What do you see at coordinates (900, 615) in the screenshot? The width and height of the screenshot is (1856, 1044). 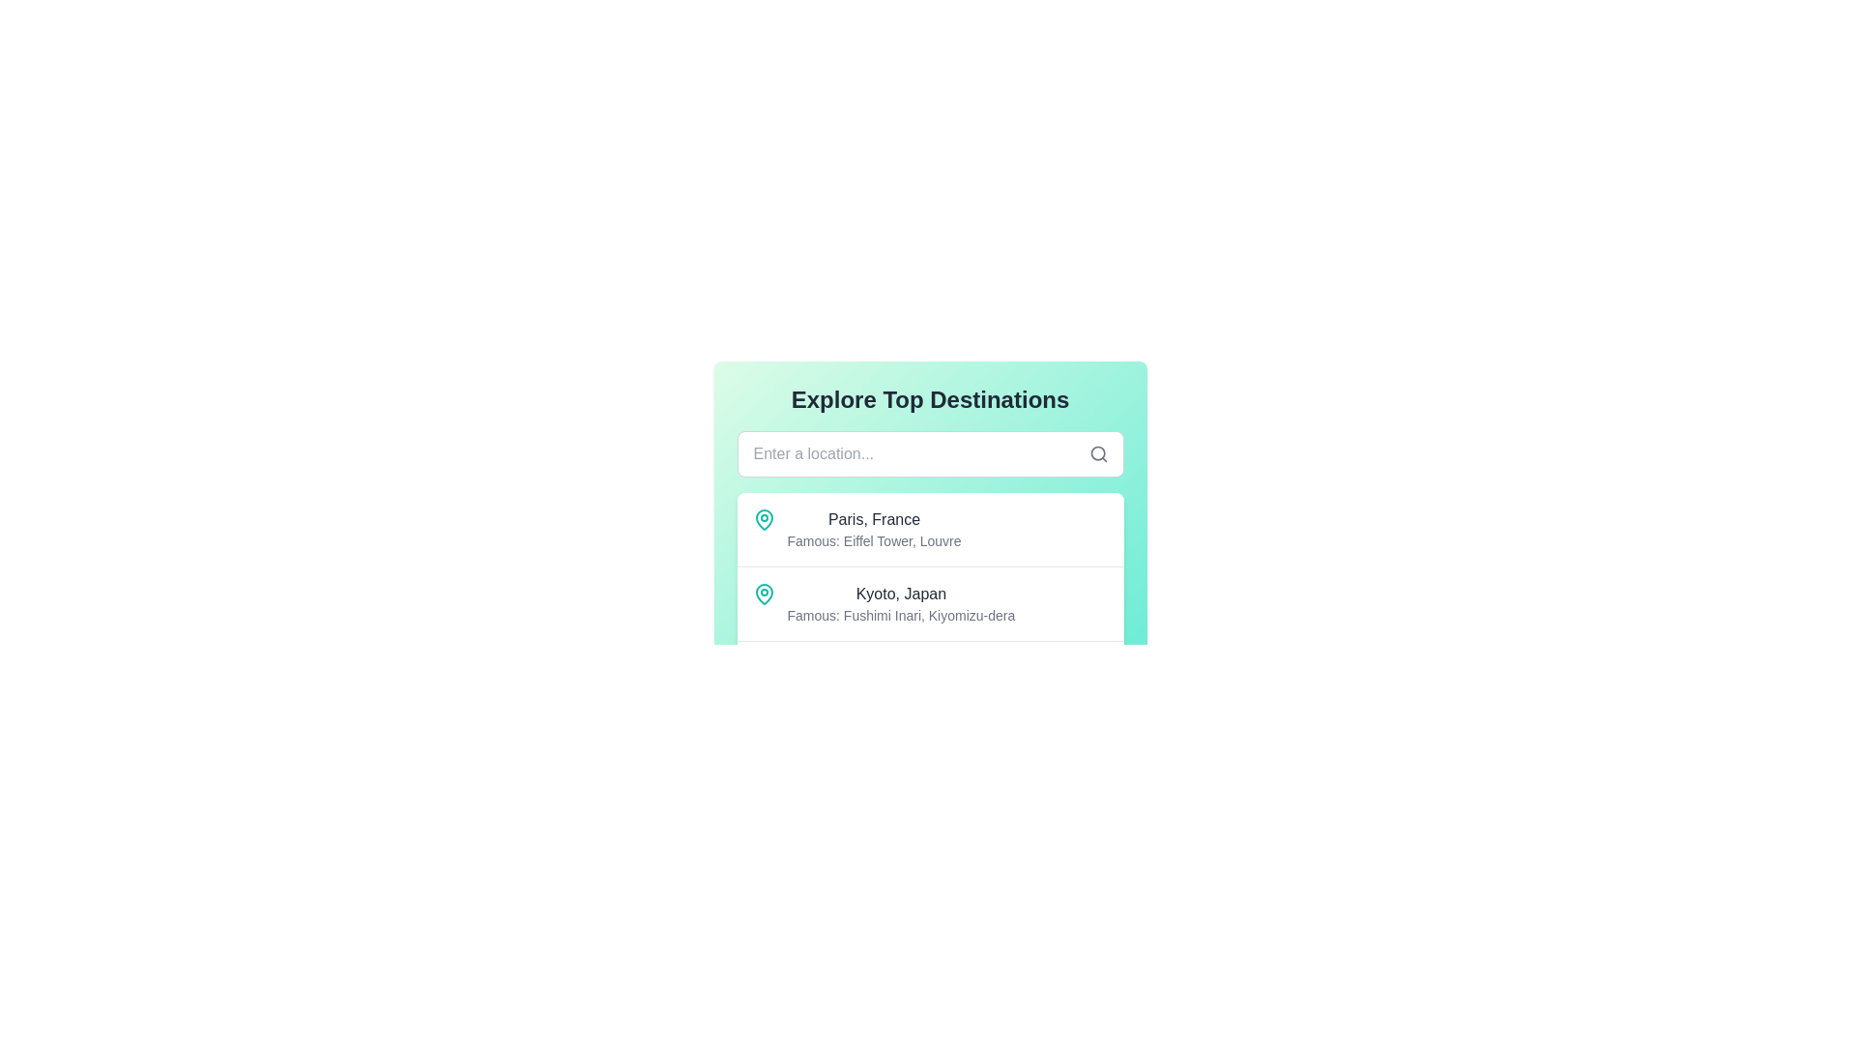 I see `the text label providing information about famous landmarks associated with 'Kyoto, Japan', which is positioned immediately below the heading 'Kyoto, Japan'` at bounding box center [900, 615].